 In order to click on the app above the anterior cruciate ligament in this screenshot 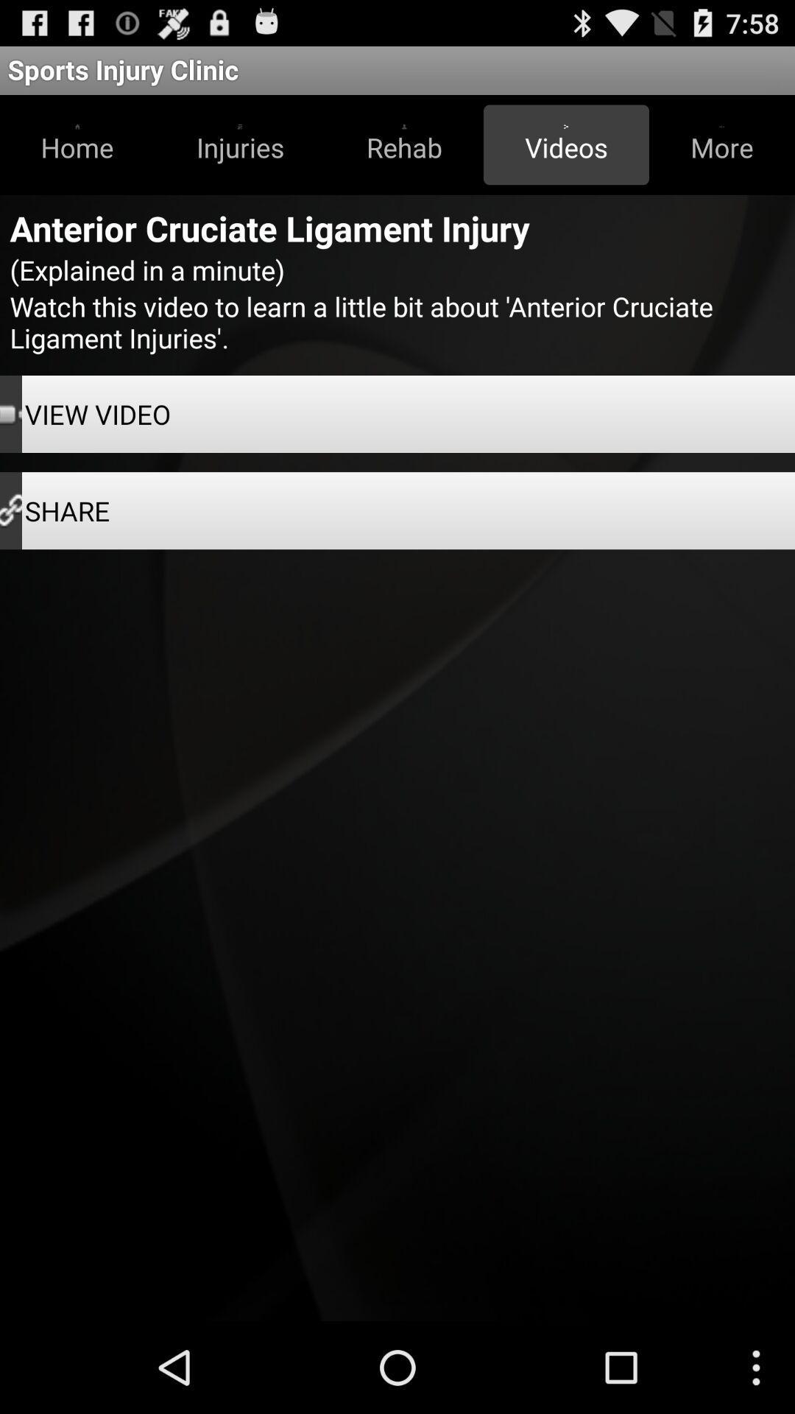, I will do `click(565, 144)`.